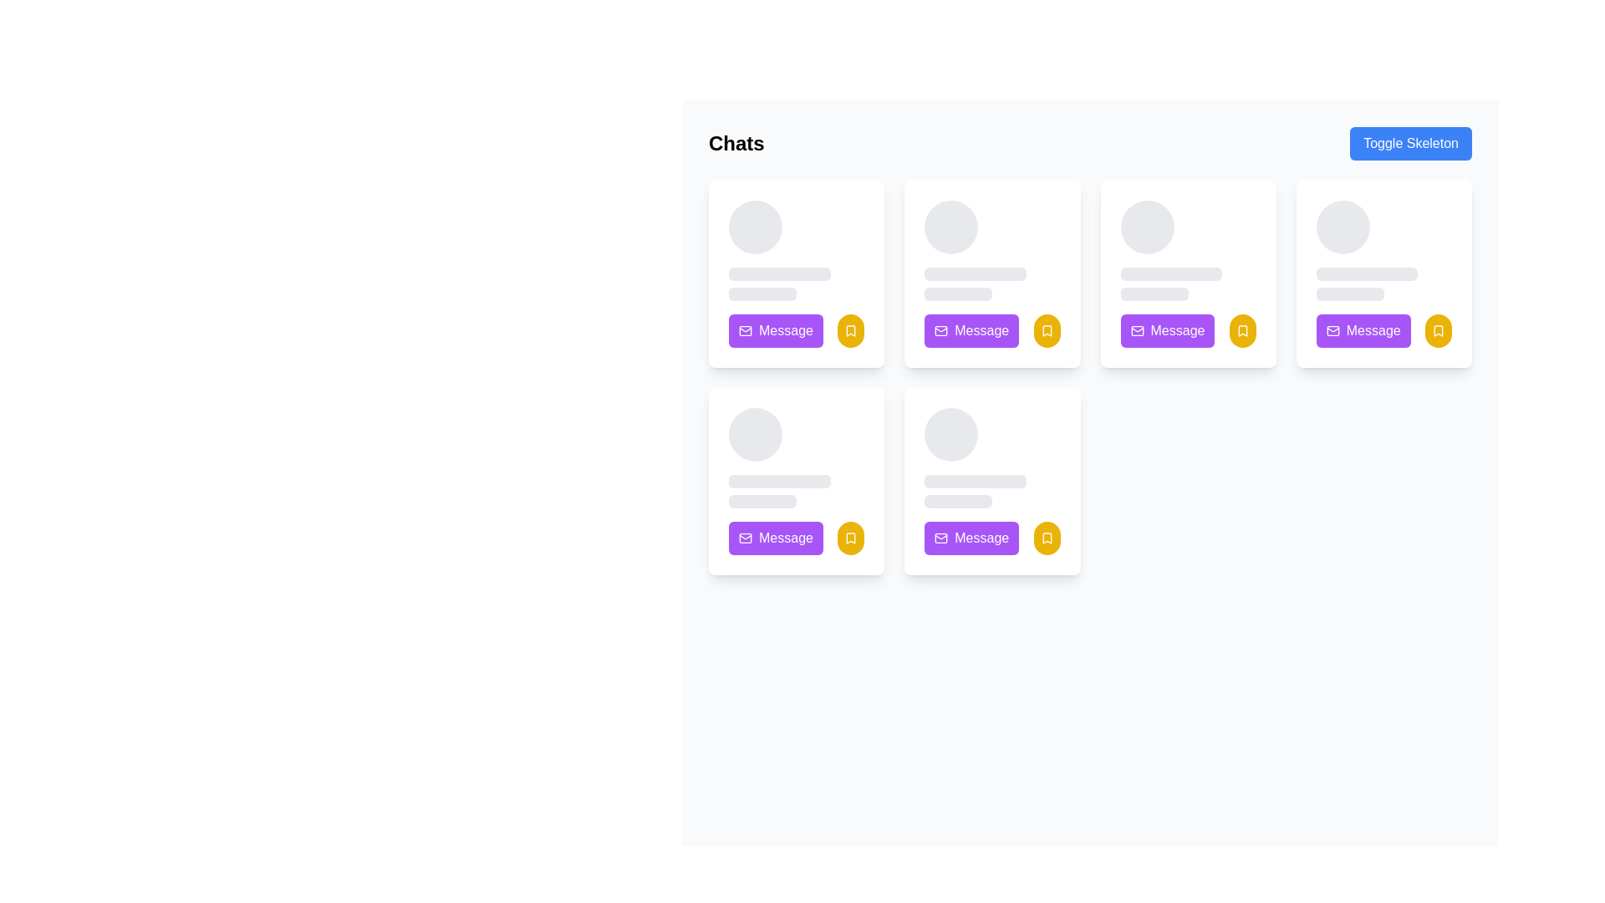 The width and height of the screenshot is (1605, 903). Describe the element at coordinates (851, 331) in the screenshot. I see `the bookmark-shaped button located on the right side of the 'Message' button in the top row of the grid under the 'Chats' heading` at that location.